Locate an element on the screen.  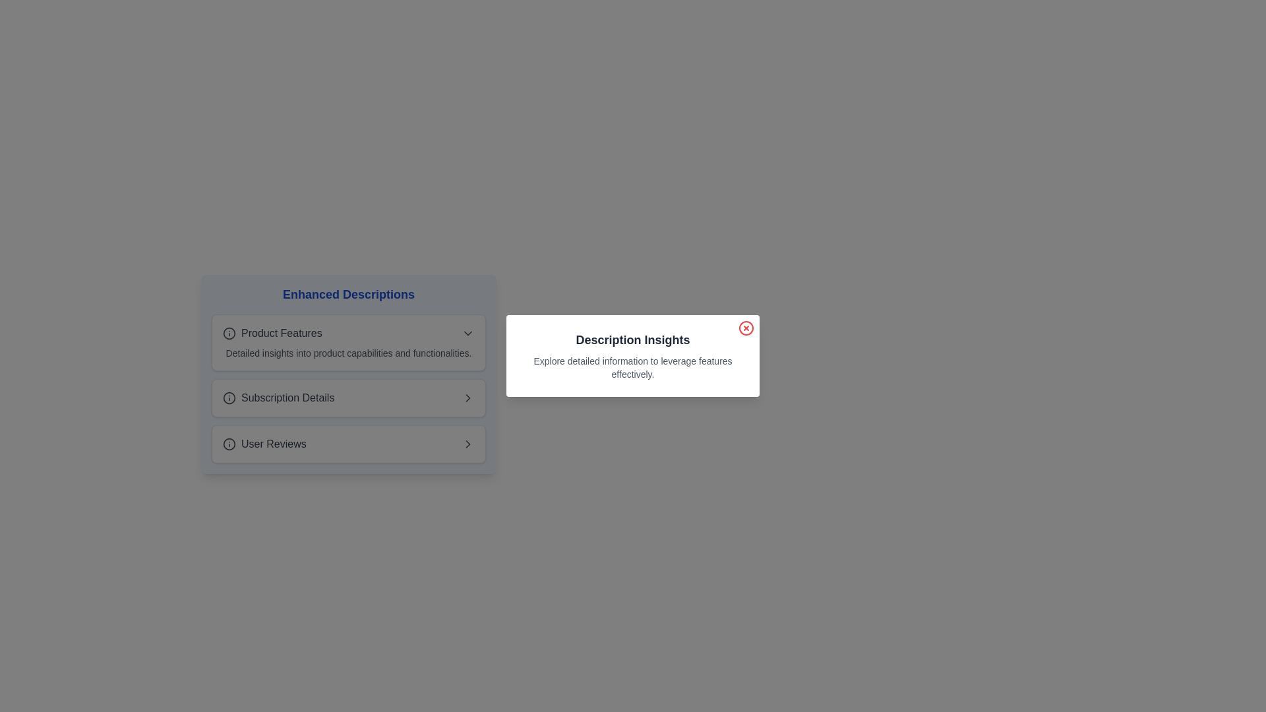
the icon on the rightmost side of the 'Product Features' entry within the 'Enhanced Descriptions' list is located at coordinates (468, 332).